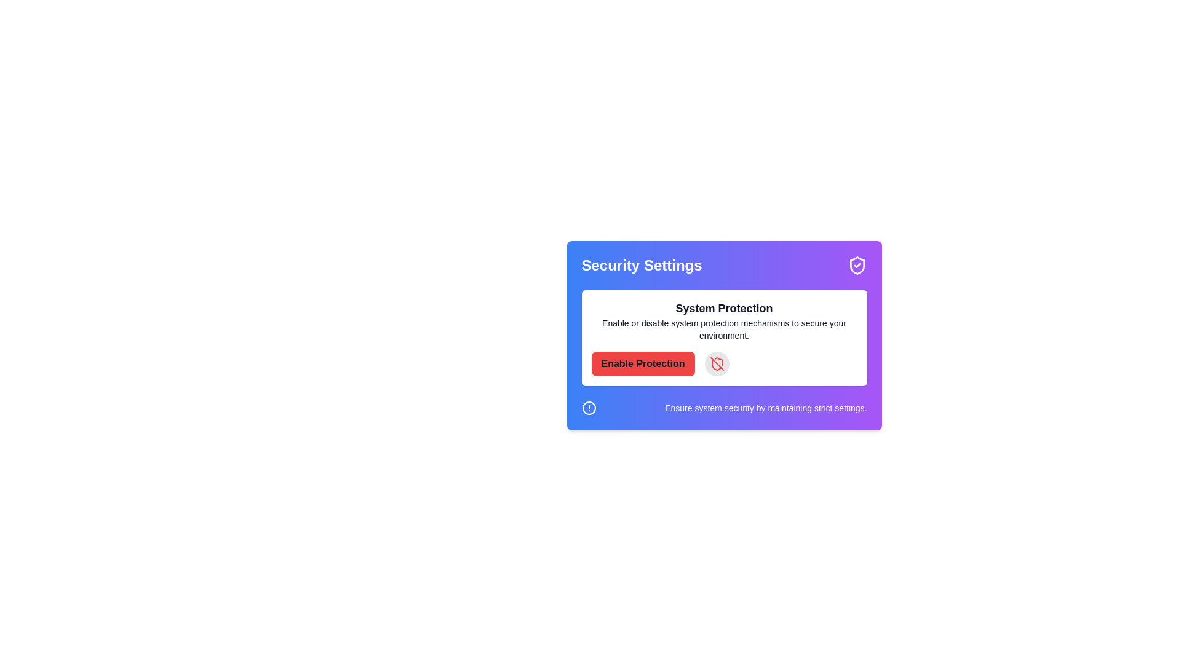 The width and height of the screenshot is (1181, 664). Describe the element at coordinates (717, 363) in the screenshot. I see `the protection disabled icon located in the lower-right corner of the system protection section, next to the 'Enable Protection' button` at that location.